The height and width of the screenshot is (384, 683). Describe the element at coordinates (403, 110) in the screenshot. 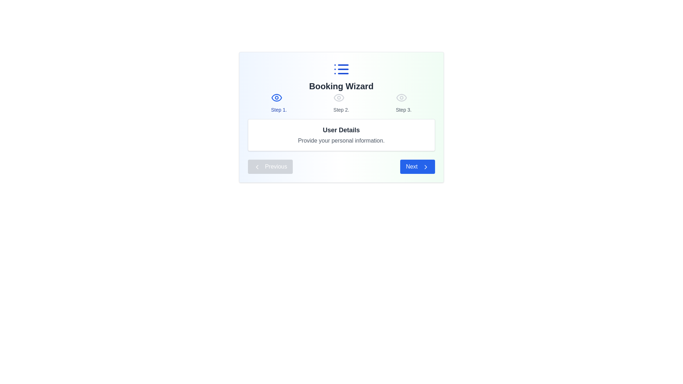

I see `the Text label displaying 'Step 3.' which is styled in medium-sized, gray-colored font, located at the top-center of the interface` at that location.